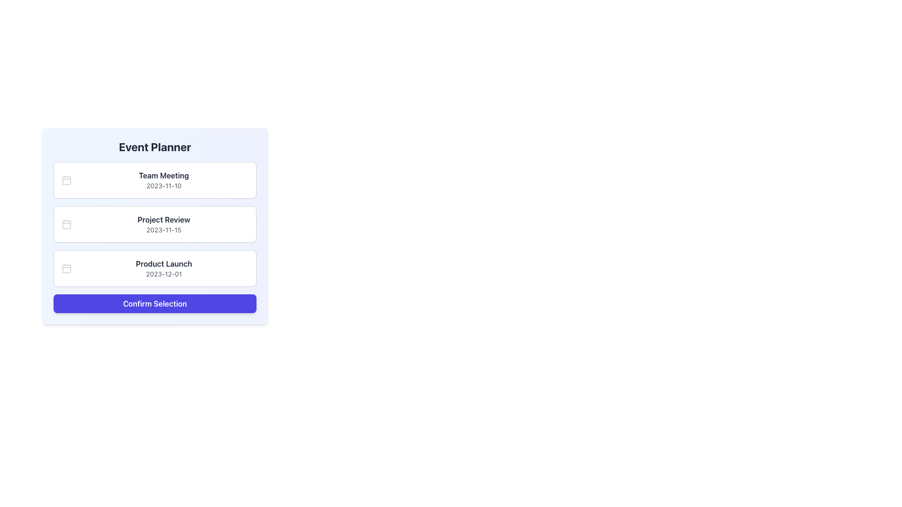 The image size is (902, 507). Describe the element at coordinates (66, 268) in the screenshot. I see `the rectangle with rounded corners within the calendar icon, located to the left of the 'Product Launch' list item in the 'Event Planner' interface` at that location.